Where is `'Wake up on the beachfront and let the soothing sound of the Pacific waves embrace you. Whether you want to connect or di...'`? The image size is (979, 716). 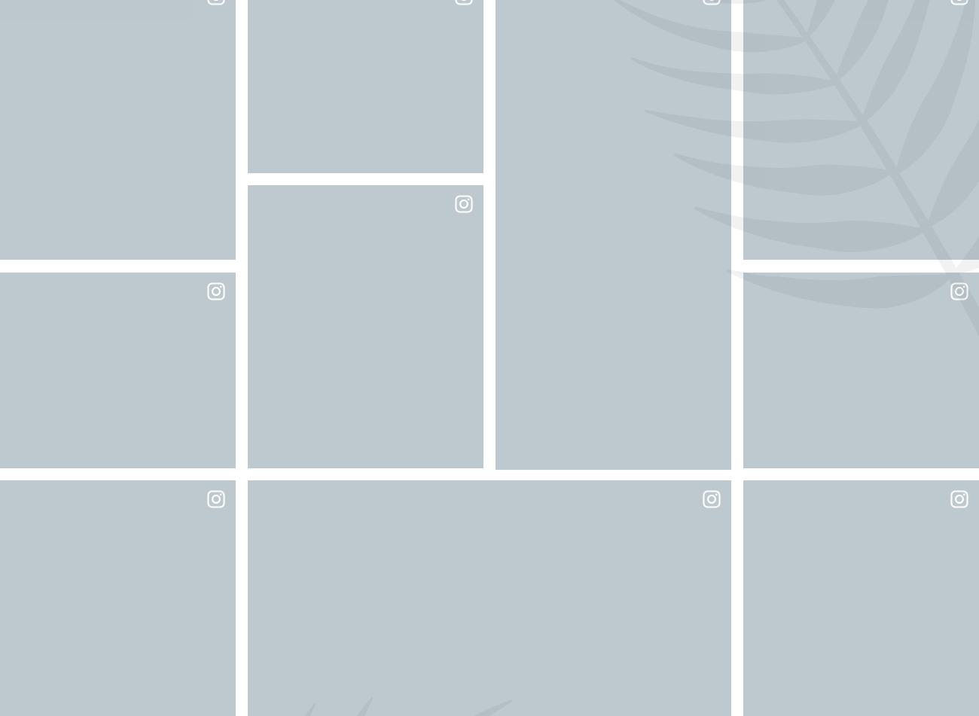
'Wake up on the beachfront and let the soothing sound of the Pacific waves embrace you. Whether you want to connect or di...' is located at coordinates (489, 644).